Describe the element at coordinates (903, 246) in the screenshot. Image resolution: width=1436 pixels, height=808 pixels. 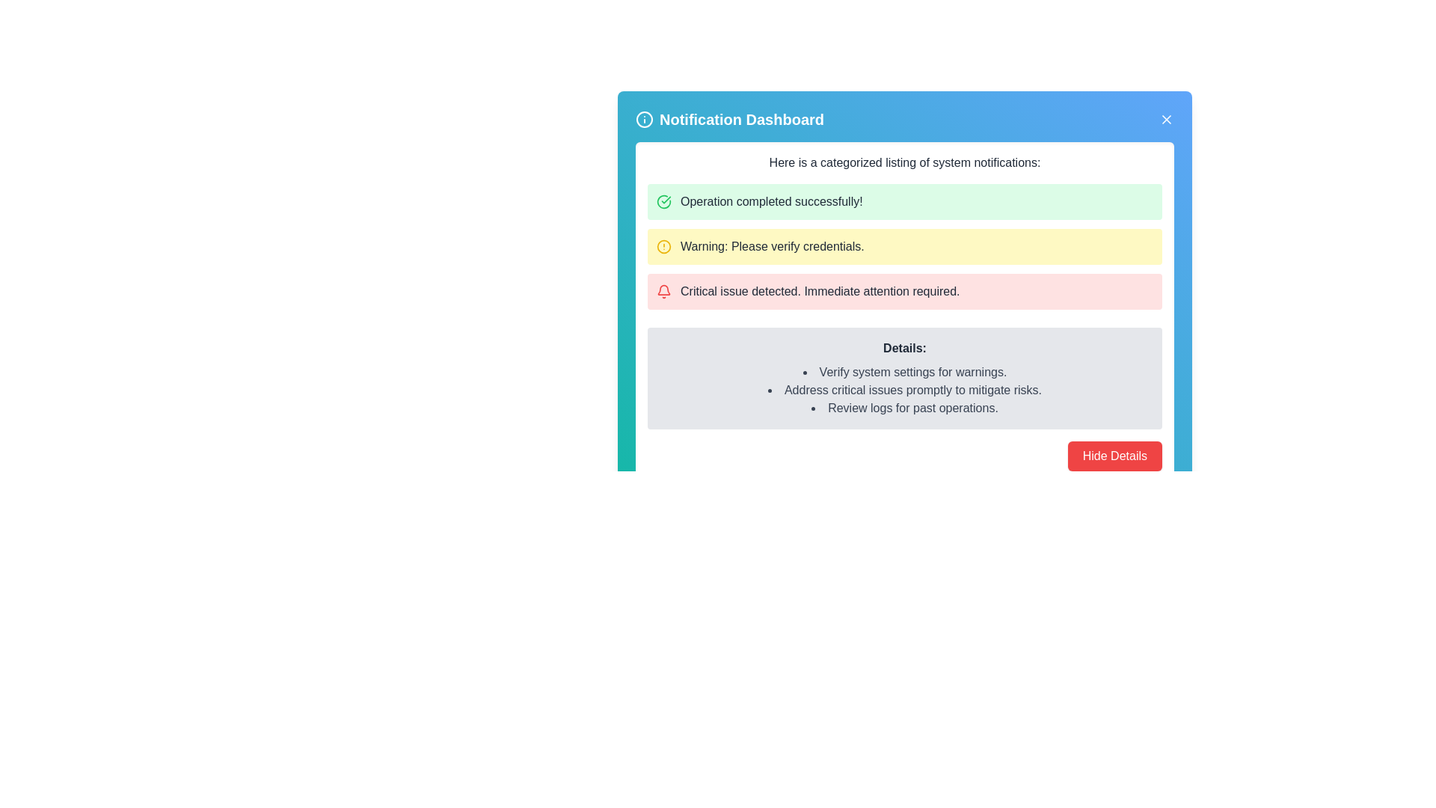
I see `the individual notifications within the multi-row categorized section of system notifications, which are represented by colored rows for success, warning, and critical issues` at that location.